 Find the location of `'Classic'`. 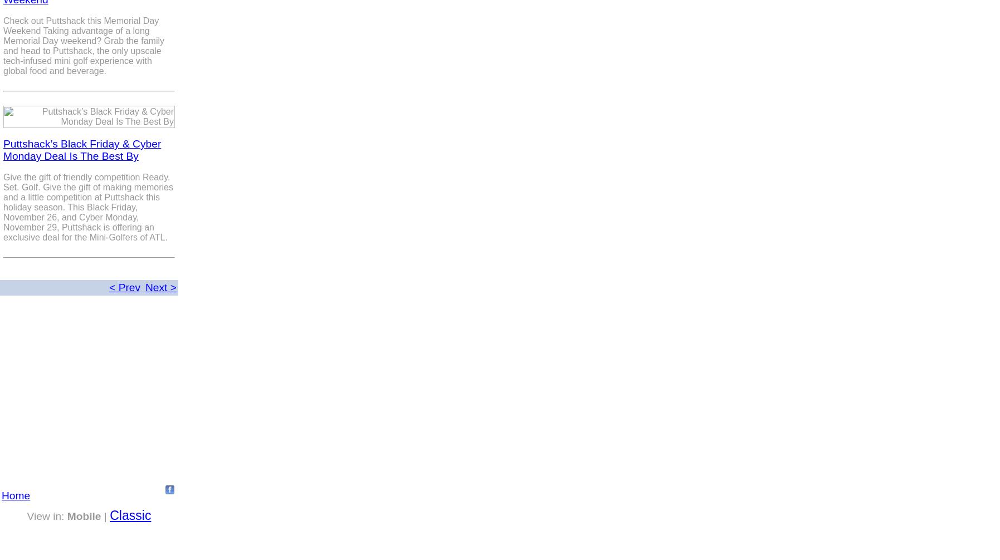

'Classic' is located at coordinates (130, 515).